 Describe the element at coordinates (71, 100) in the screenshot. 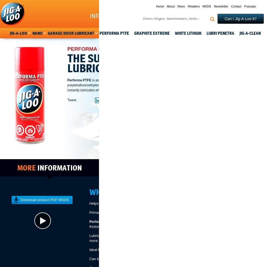

I see `'Tweet'` at that location.